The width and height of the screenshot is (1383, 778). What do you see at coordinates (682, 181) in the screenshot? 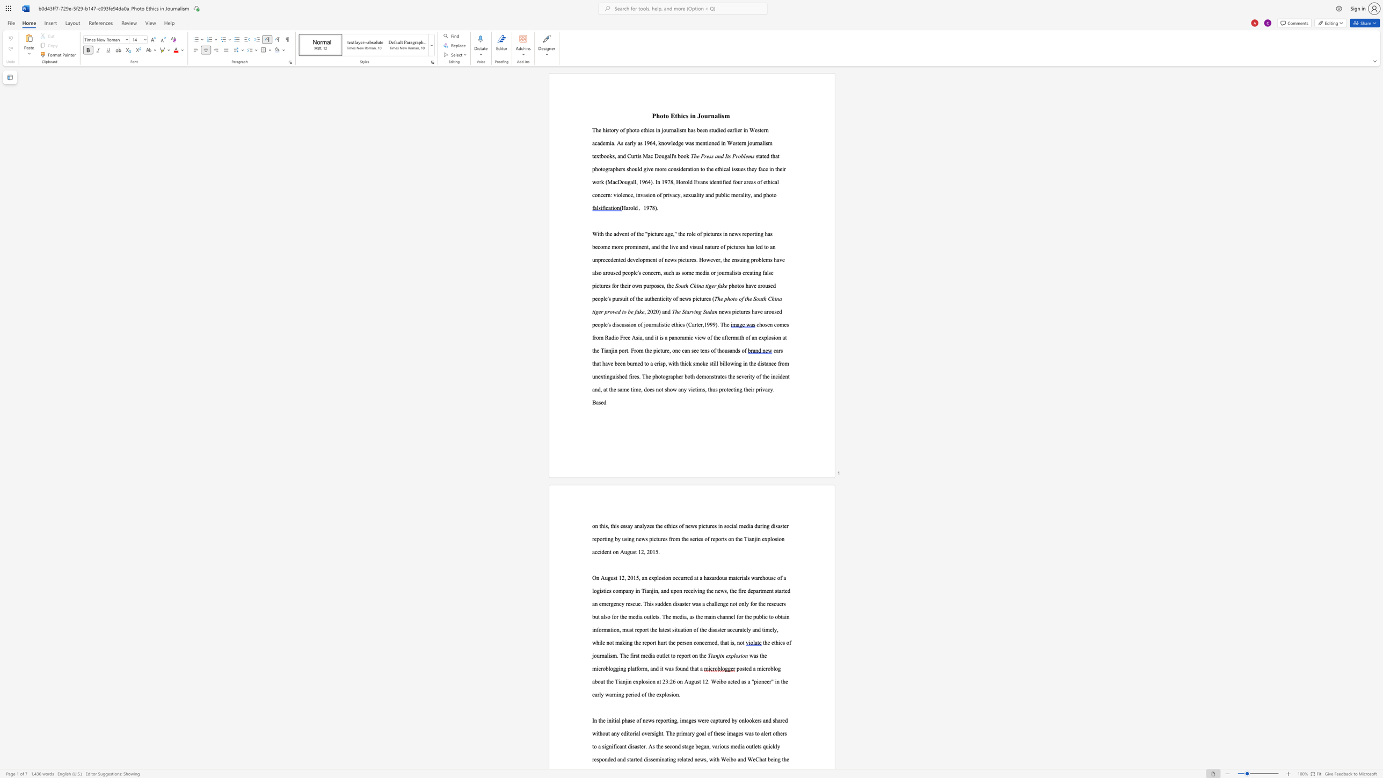
I see `the subset text "rold Eva" within the text ". In 1978, Horold Evans"` at bounding box center [682, 181].